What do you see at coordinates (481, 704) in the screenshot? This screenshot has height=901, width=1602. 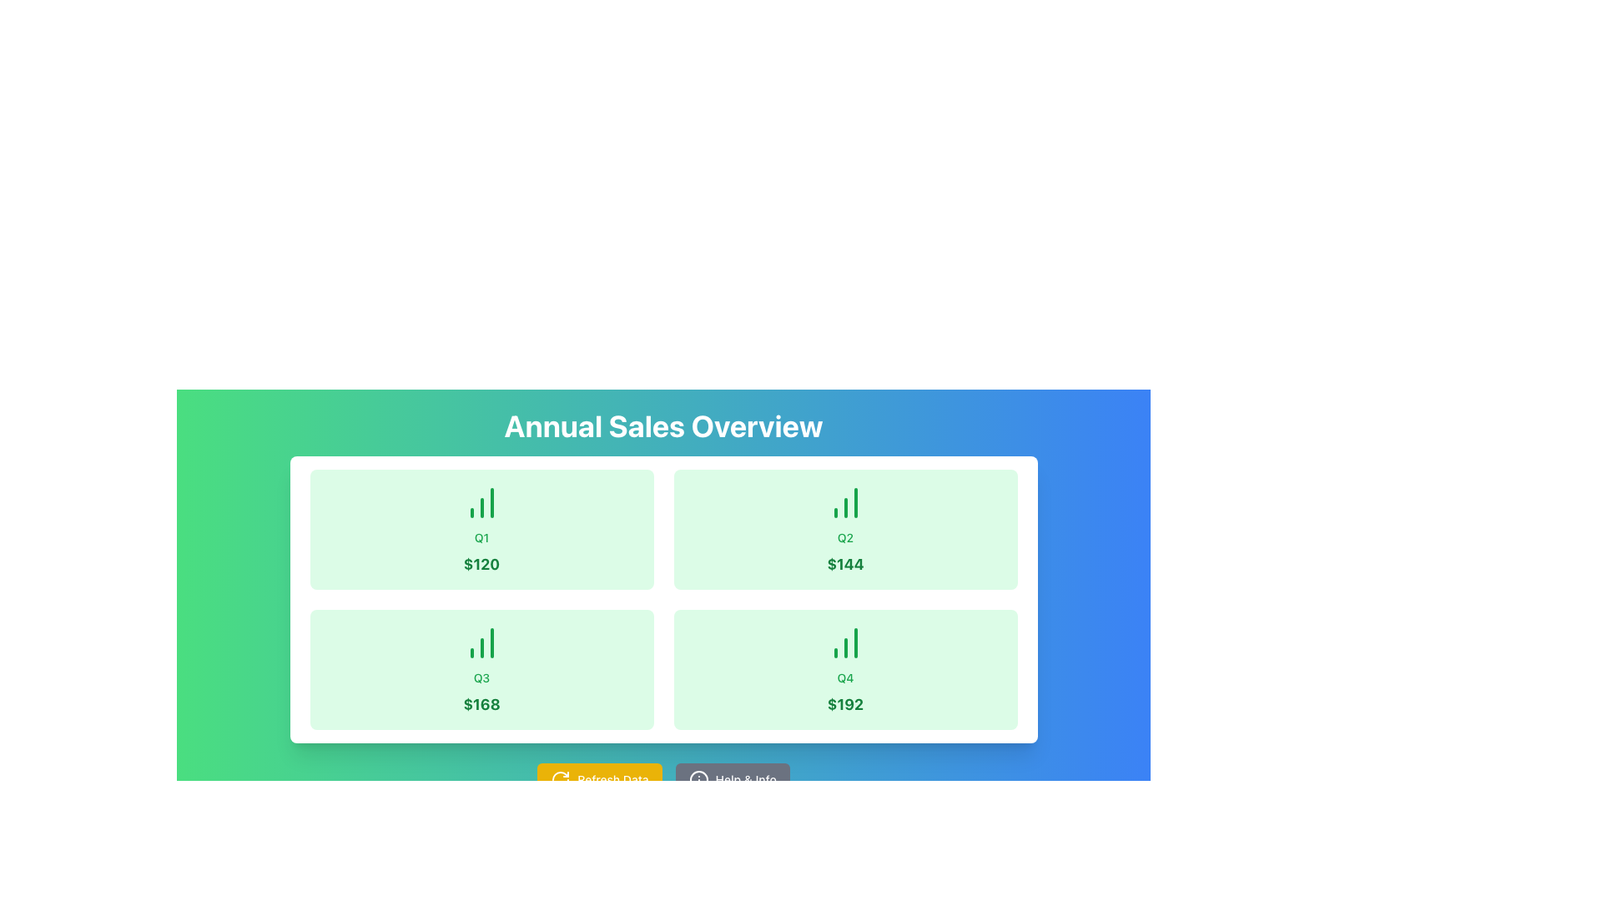 I see `value displayed on the text label showing '$168' in large, bold, green font located in the bottom-left quadrant of the grid layout` at bounding box center [481, 704].